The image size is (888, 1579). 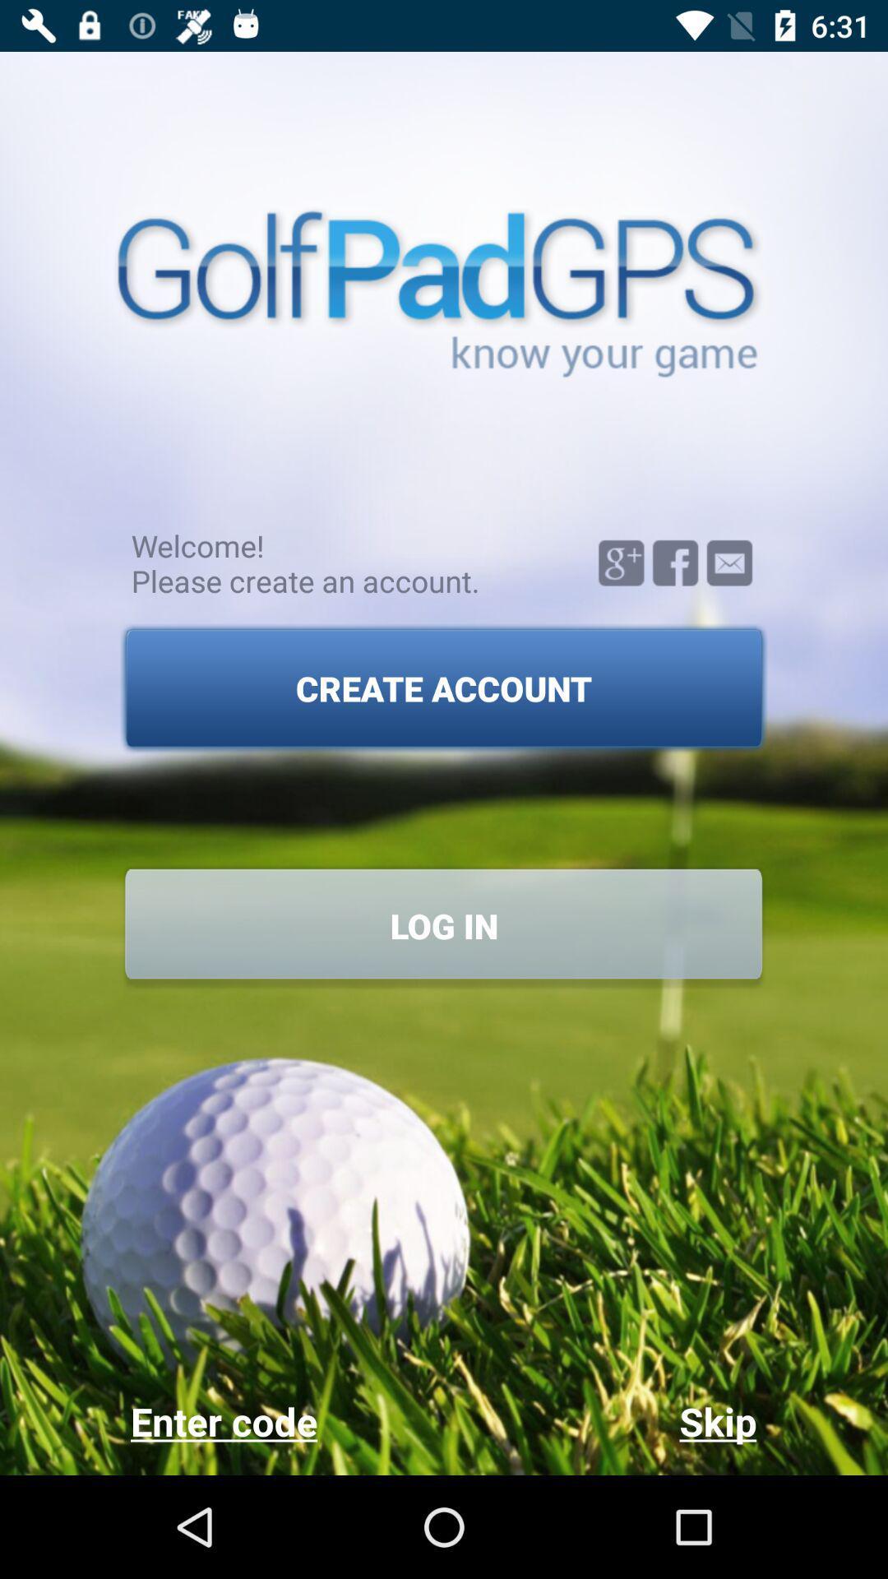 What do you see at coordinates (599, 1420) in the screenshot?
I see `the skip icon` at bounding box center [599, 1420].